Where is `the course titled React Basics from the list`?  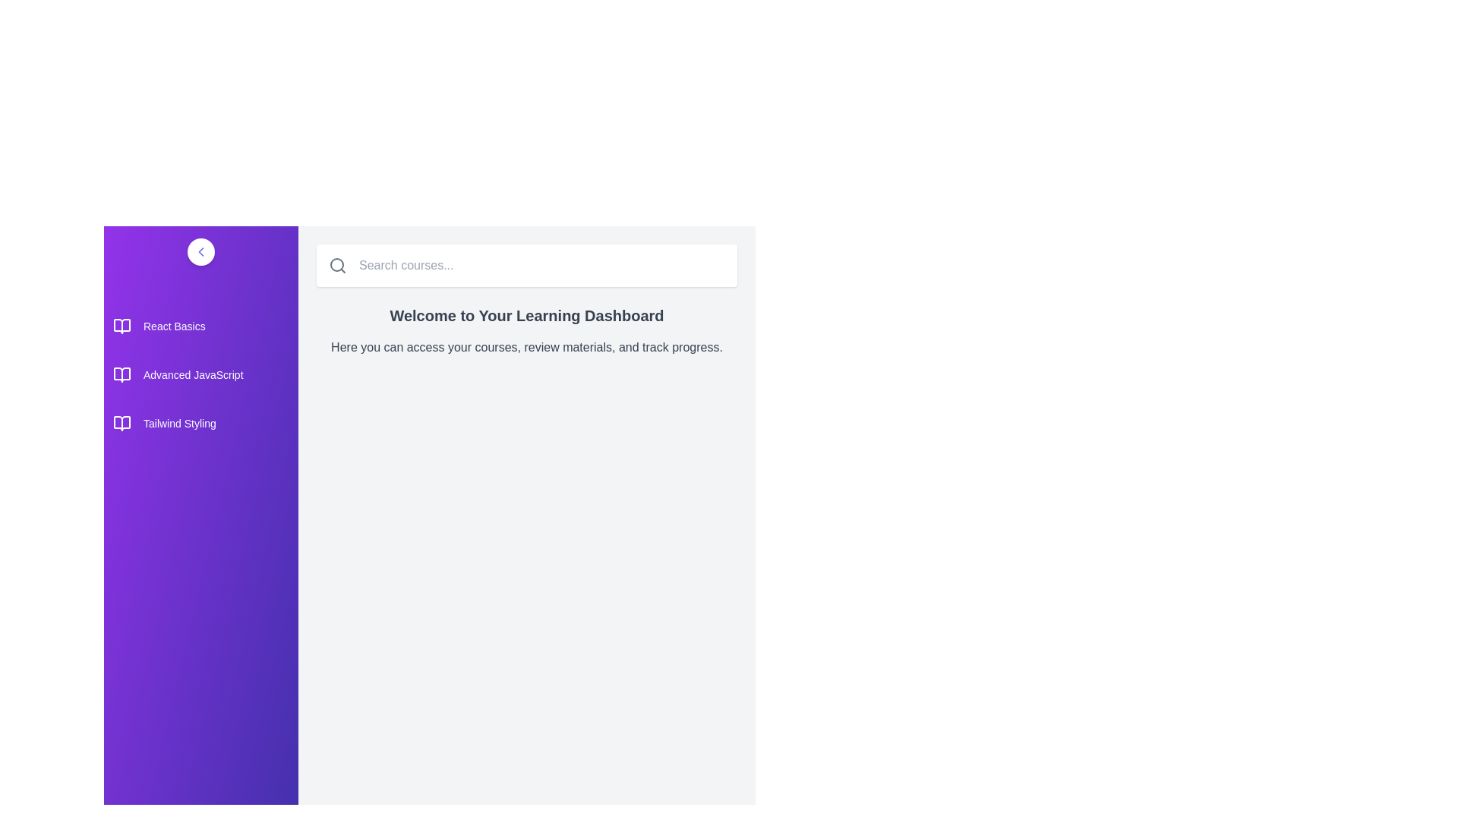 the course titled React Basics from the list is located at coordinates (200, 325).